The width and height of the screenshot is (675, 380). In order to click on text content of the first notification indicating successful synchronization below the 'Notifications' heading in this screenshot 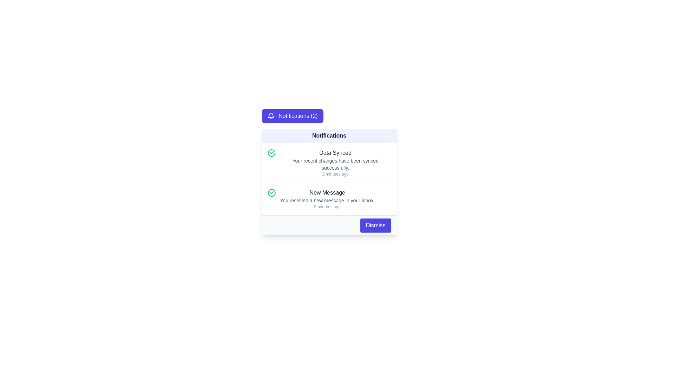, I will do `click(335, 163)`.